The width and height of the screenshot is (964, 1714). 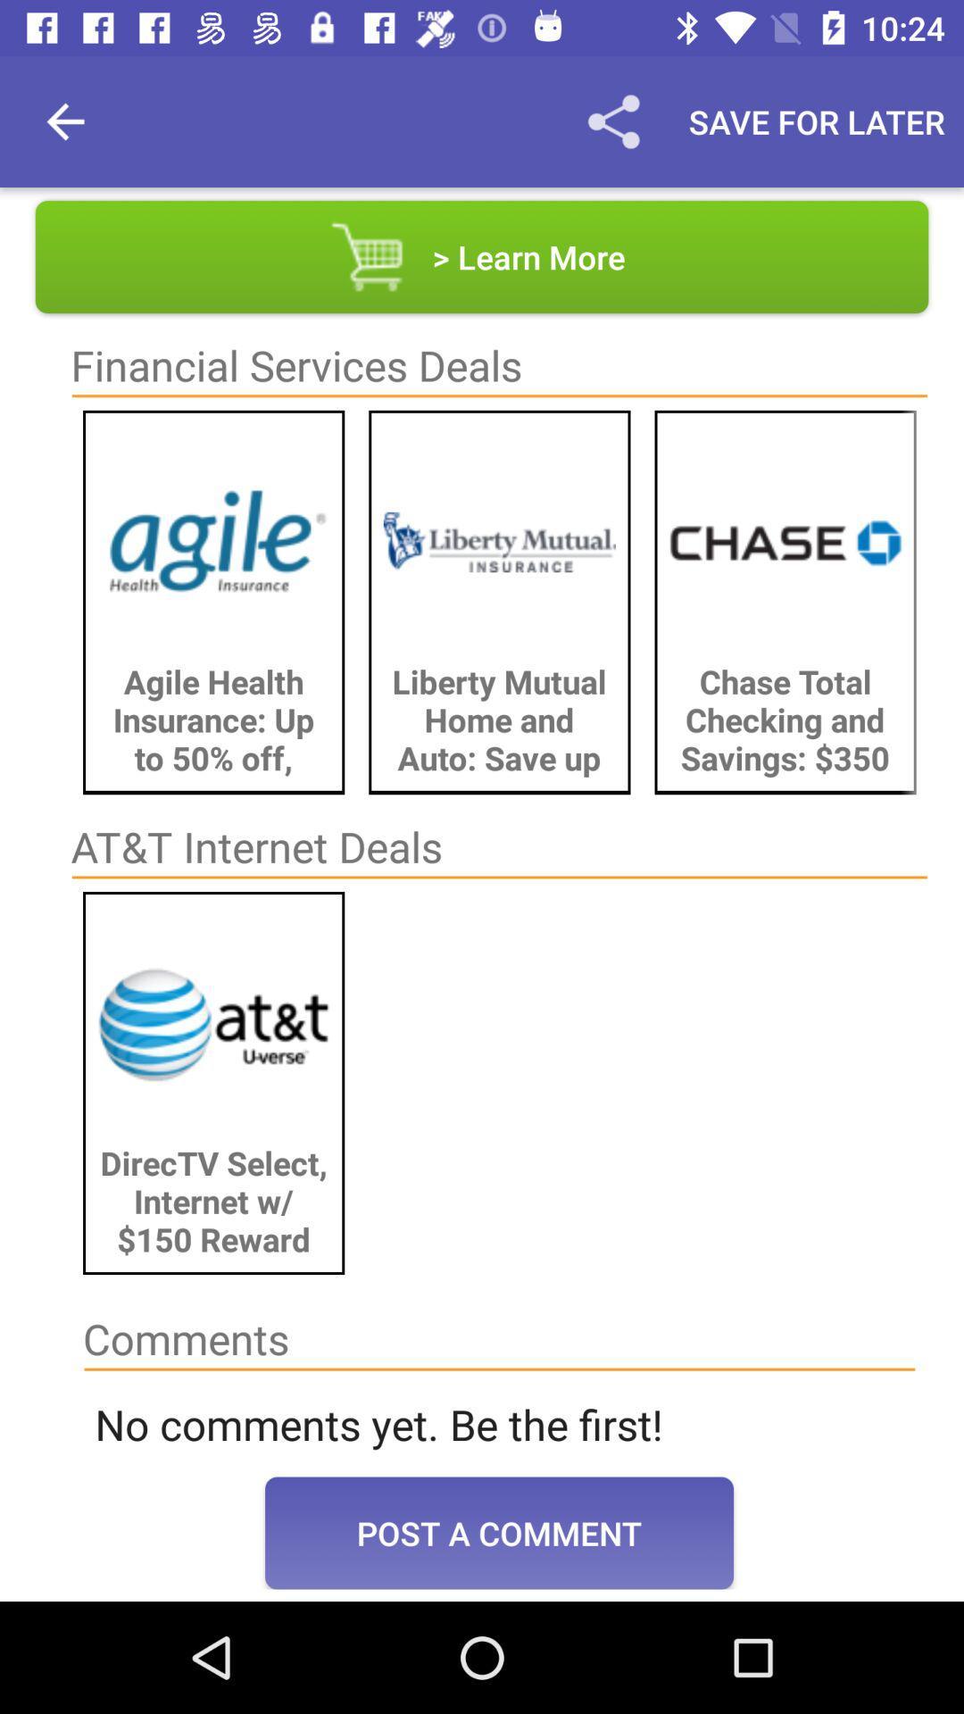 I want to click on the post a comment, so click(x=499, y=1532).